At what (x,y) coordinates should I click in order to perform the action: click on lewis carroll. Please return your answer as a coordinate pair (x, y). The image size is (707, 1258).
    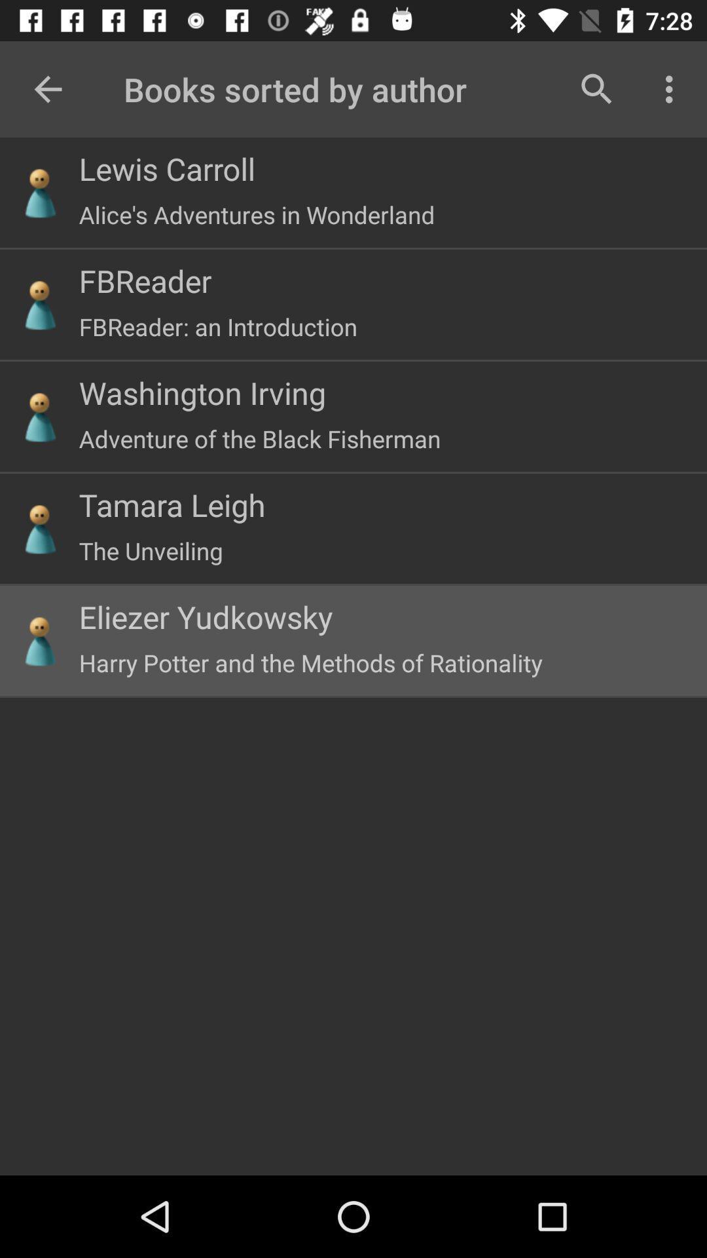
    Looking at the image, I should click on (166, 168).